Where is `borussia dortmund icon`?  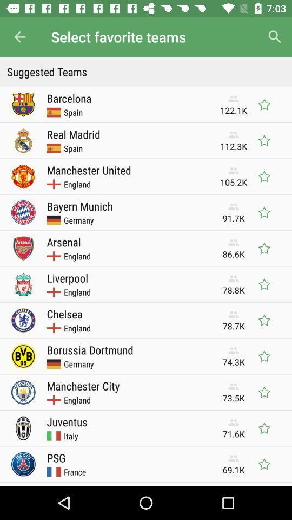 borussia dortmund icon is located at coordinates (89, 349).